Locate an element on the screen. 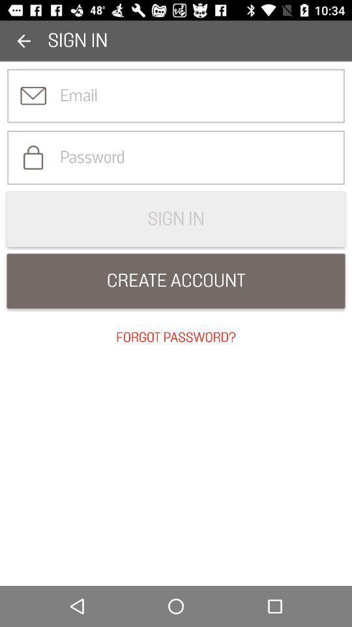 This screenshot has width=352, height=627. icon to the left of the sign in item is located at coordinates (23, 40).